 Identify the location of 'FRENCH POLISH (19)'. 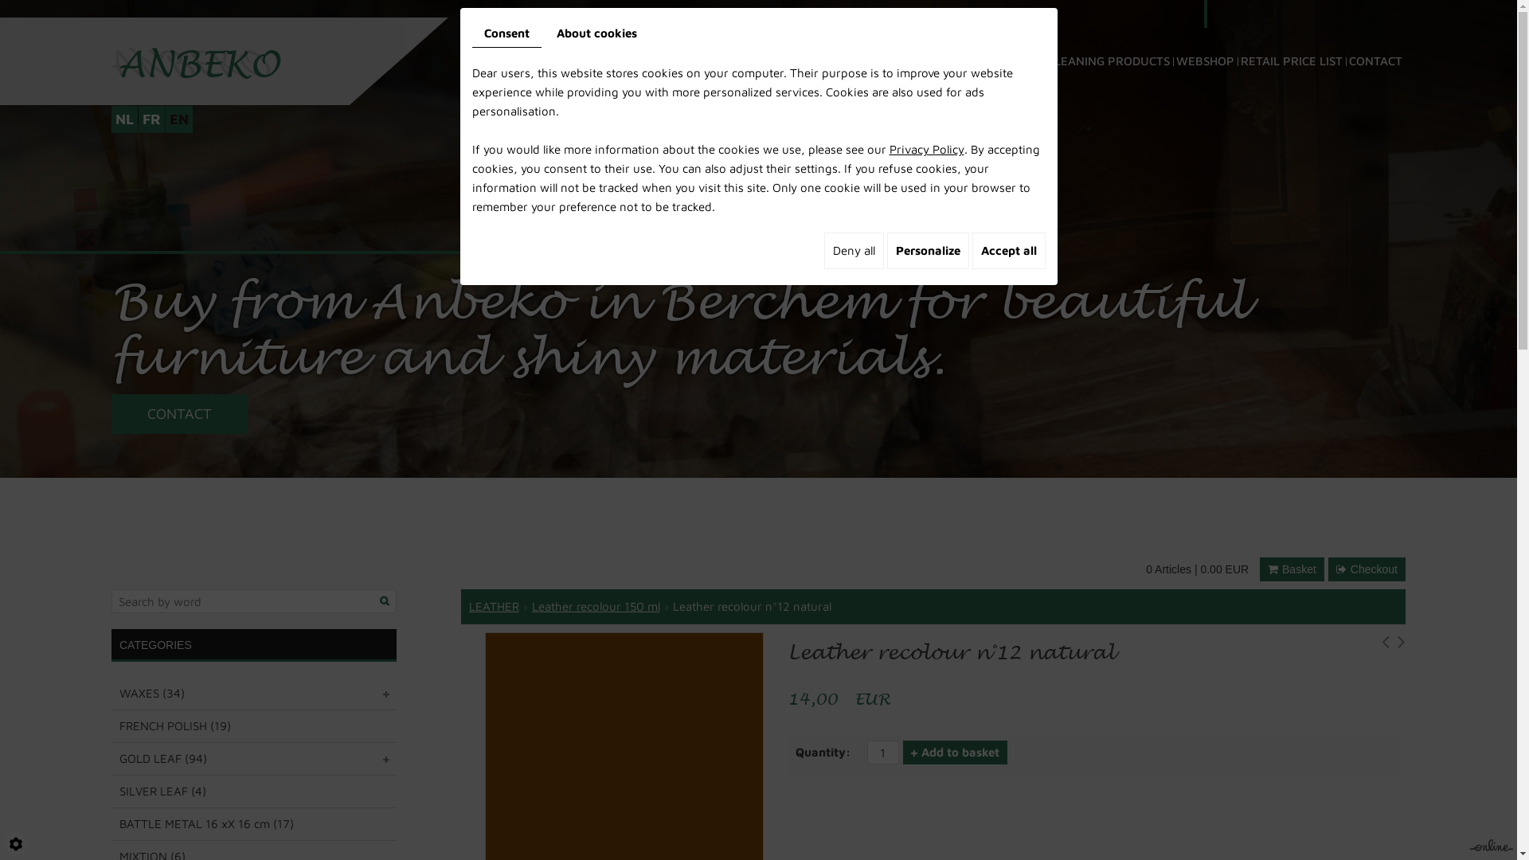
(252, 725).